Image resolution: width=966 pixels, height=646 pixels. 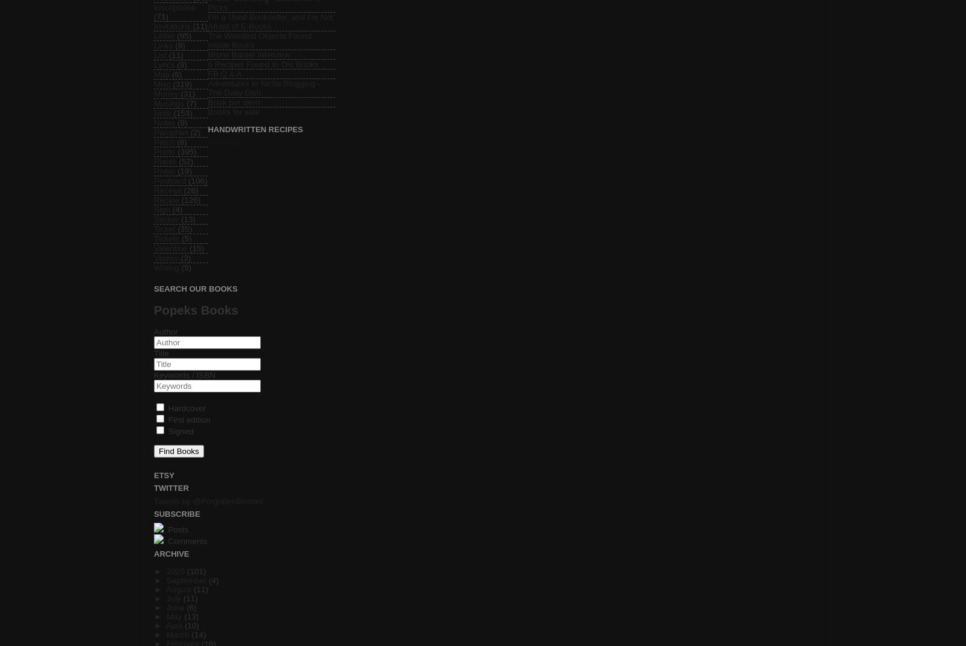 I want to click on 'Invitations', so click(x=171, y=25).